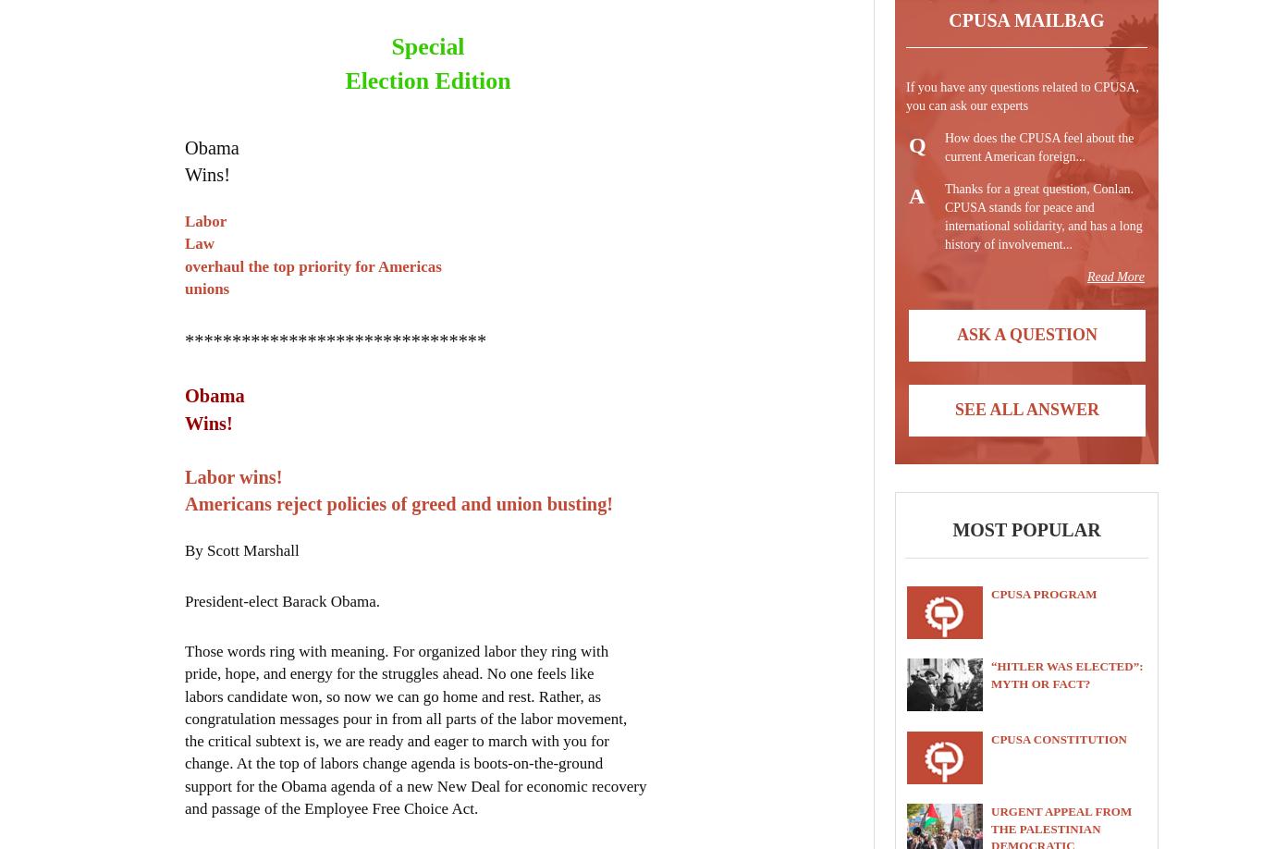 The image size is (1263, 849). I want to click on 'CPUSA Program', so click(1042, 593).